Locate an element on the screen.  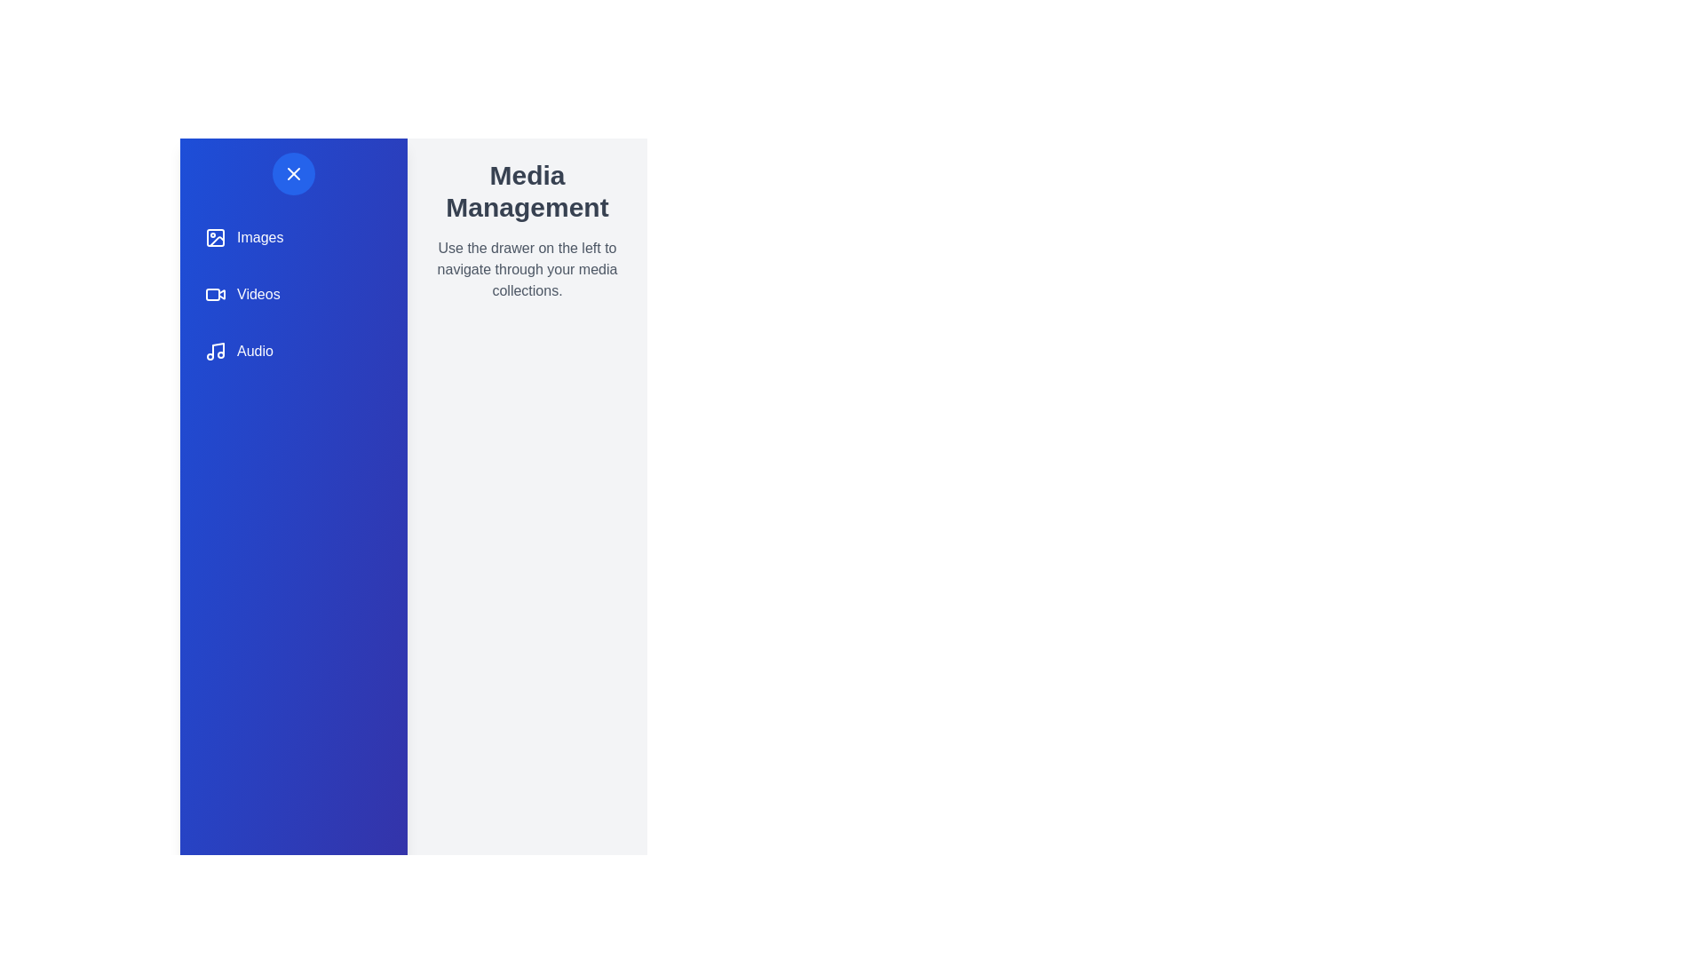
the static text label displaying 'Images' in white font on a blue background, located in the vertical navigation sidebar is located at coordinates (259, 236).